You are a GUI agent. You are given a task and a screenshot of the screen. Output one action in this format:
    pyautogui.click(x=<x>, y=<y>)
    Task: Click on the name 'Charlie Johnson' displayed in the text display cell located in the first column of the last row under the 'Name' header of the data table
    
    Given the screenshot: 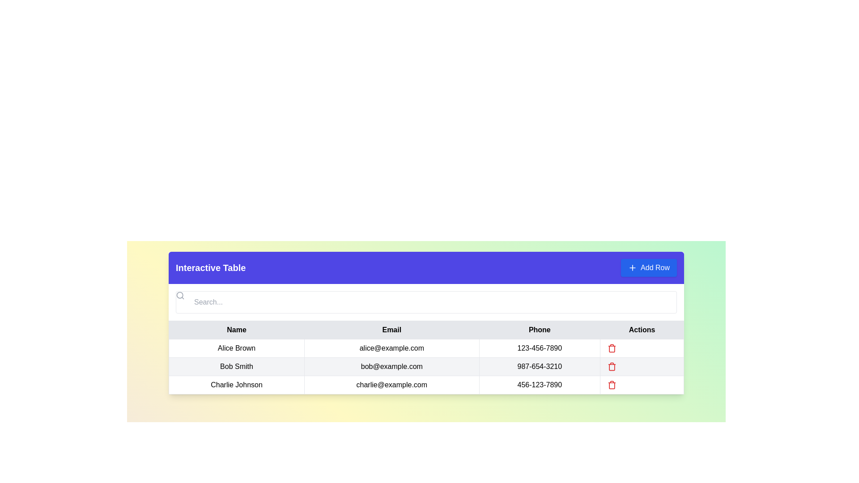 What is the action you would take?
    pyautogui.click(x=236, y=384)
    